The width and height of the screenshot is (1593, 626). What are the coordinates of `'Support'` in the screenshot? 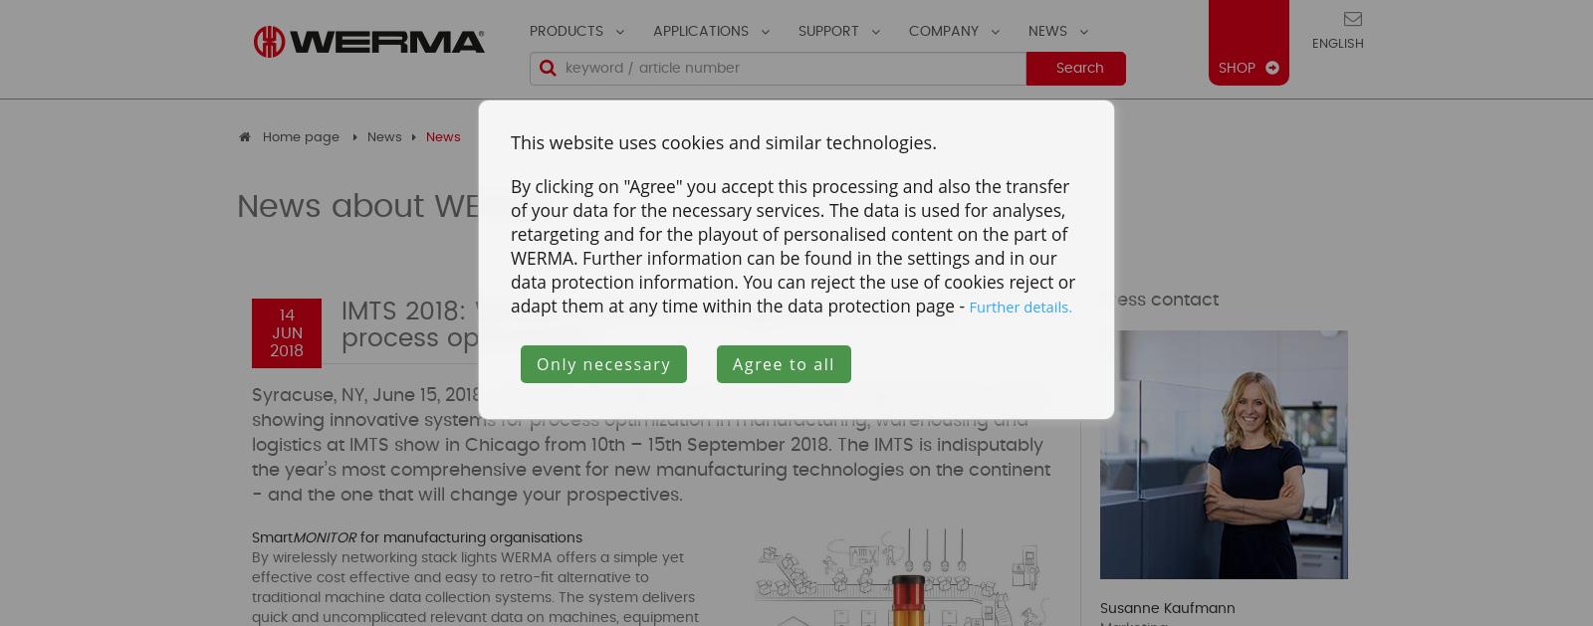 It's located at (827, 32).